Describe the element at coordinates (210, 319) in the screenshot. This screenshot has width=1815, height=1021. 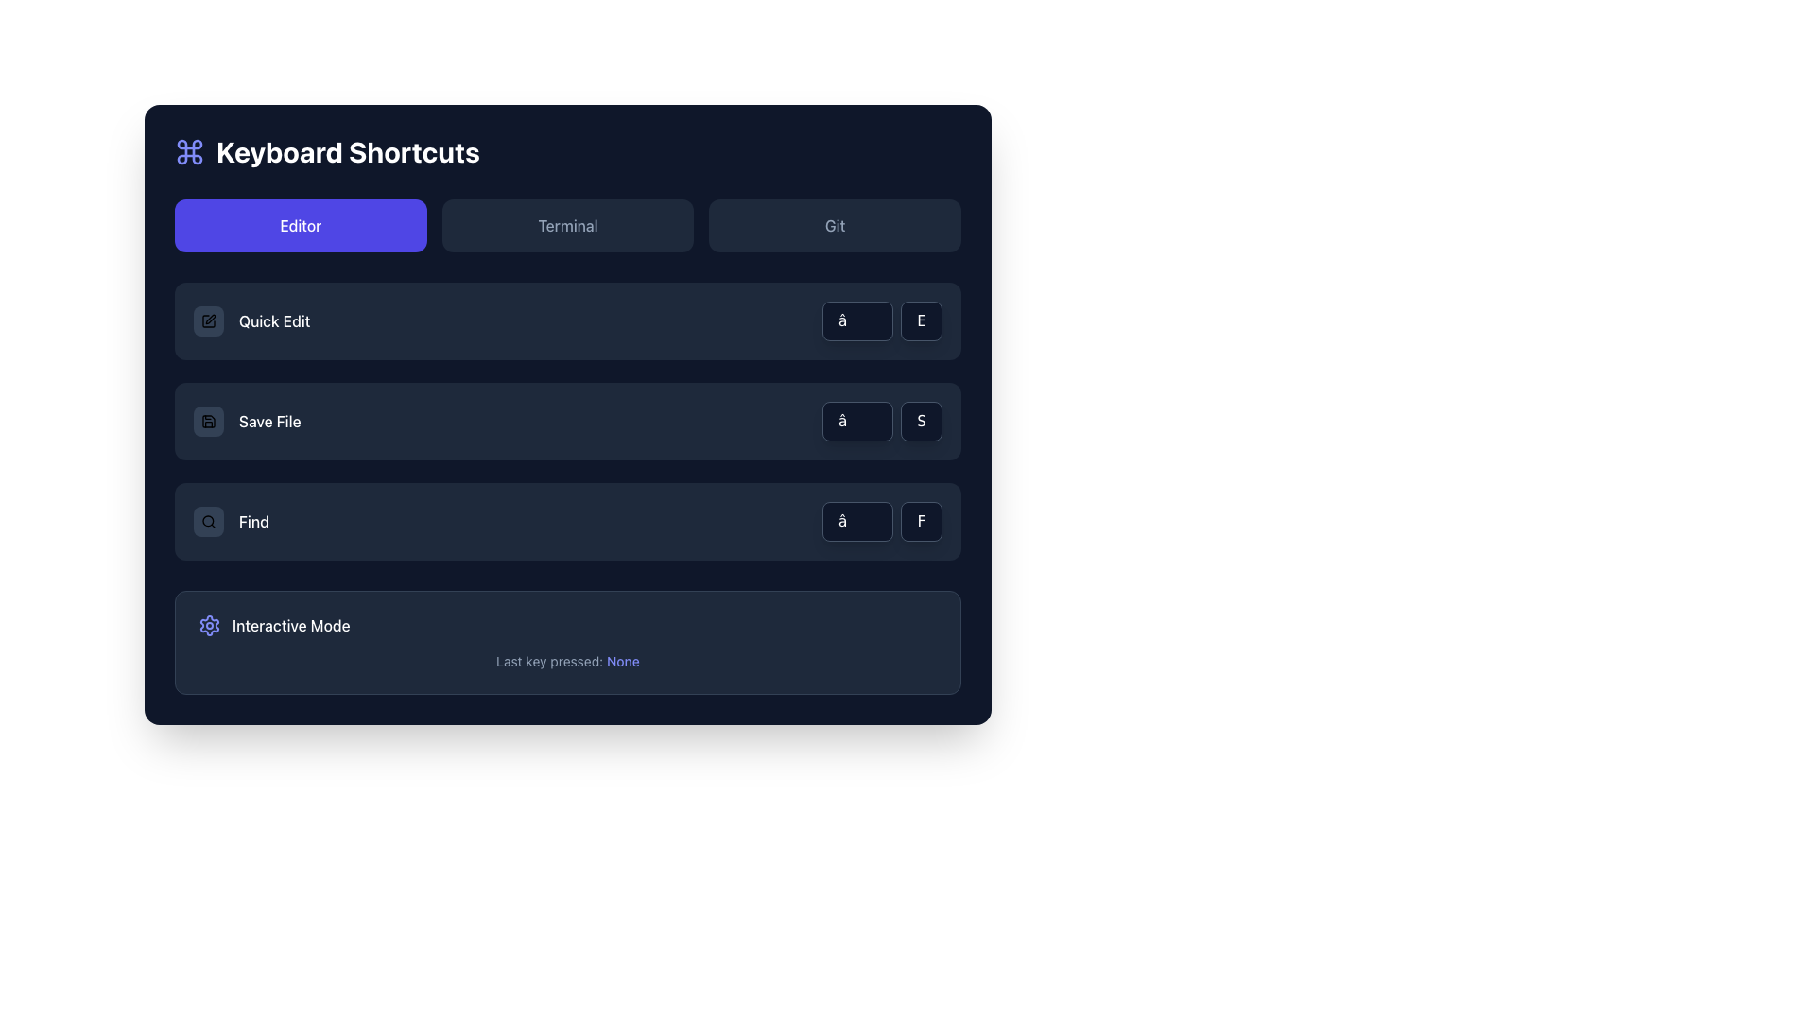
I see `the Vector icon (pen icon) located to the left of the 'Quick Edit' label` at that location.